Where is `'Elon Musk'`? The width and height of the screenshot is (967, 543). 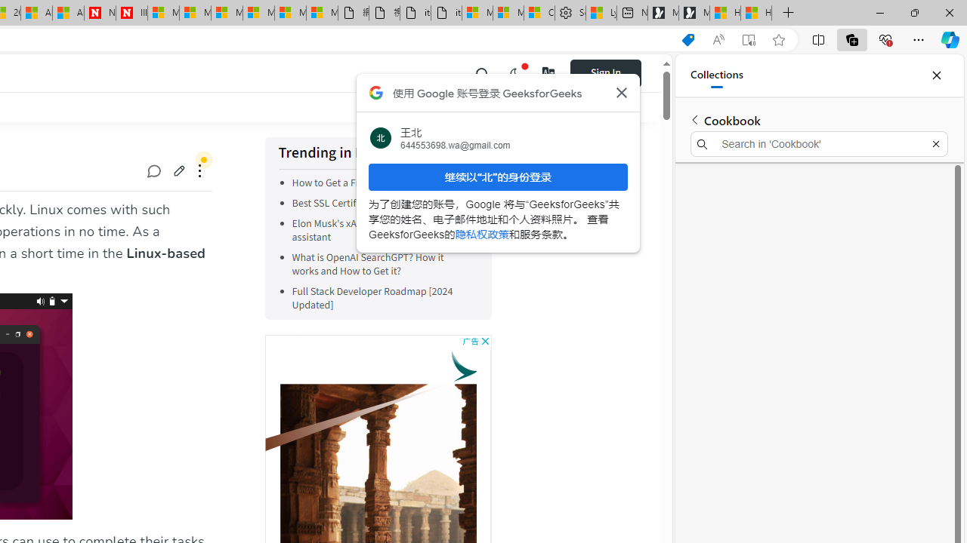 'Elon Musk' is located at coordinates (366, 231).